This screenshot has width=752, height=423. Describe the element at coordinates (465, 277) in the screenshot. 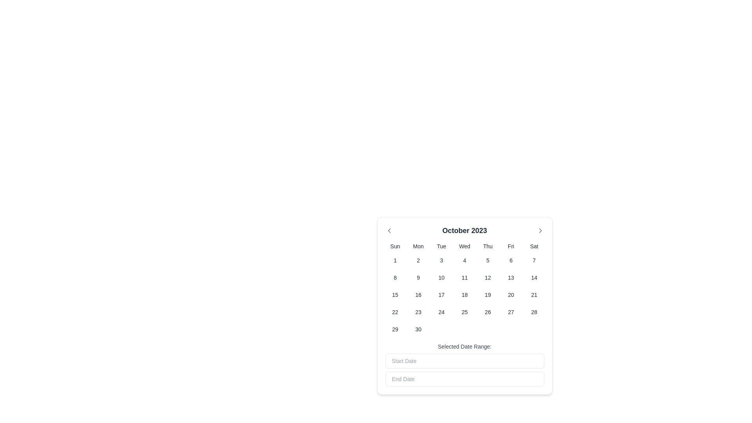

I see `the button displaying the number '11' in the calendar grid layout` at that location.